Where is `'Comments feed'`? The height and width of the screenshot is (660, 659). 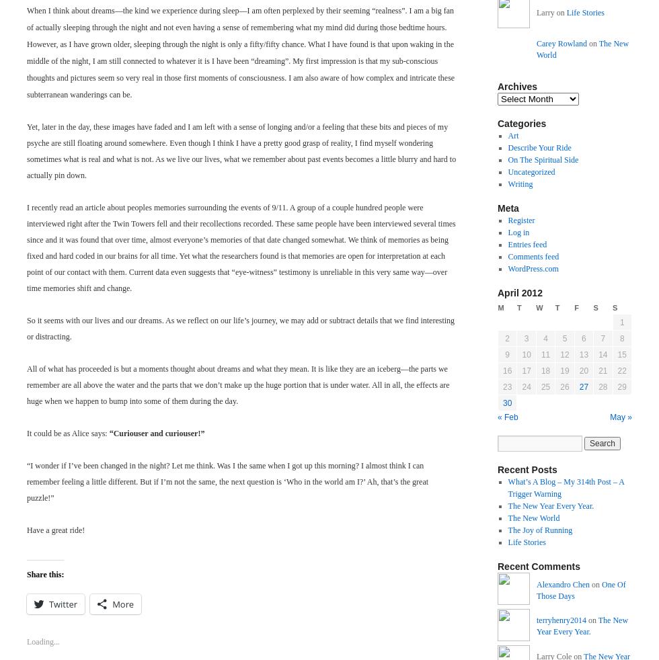 'Comments feed' is located at coordinates (507, 256).